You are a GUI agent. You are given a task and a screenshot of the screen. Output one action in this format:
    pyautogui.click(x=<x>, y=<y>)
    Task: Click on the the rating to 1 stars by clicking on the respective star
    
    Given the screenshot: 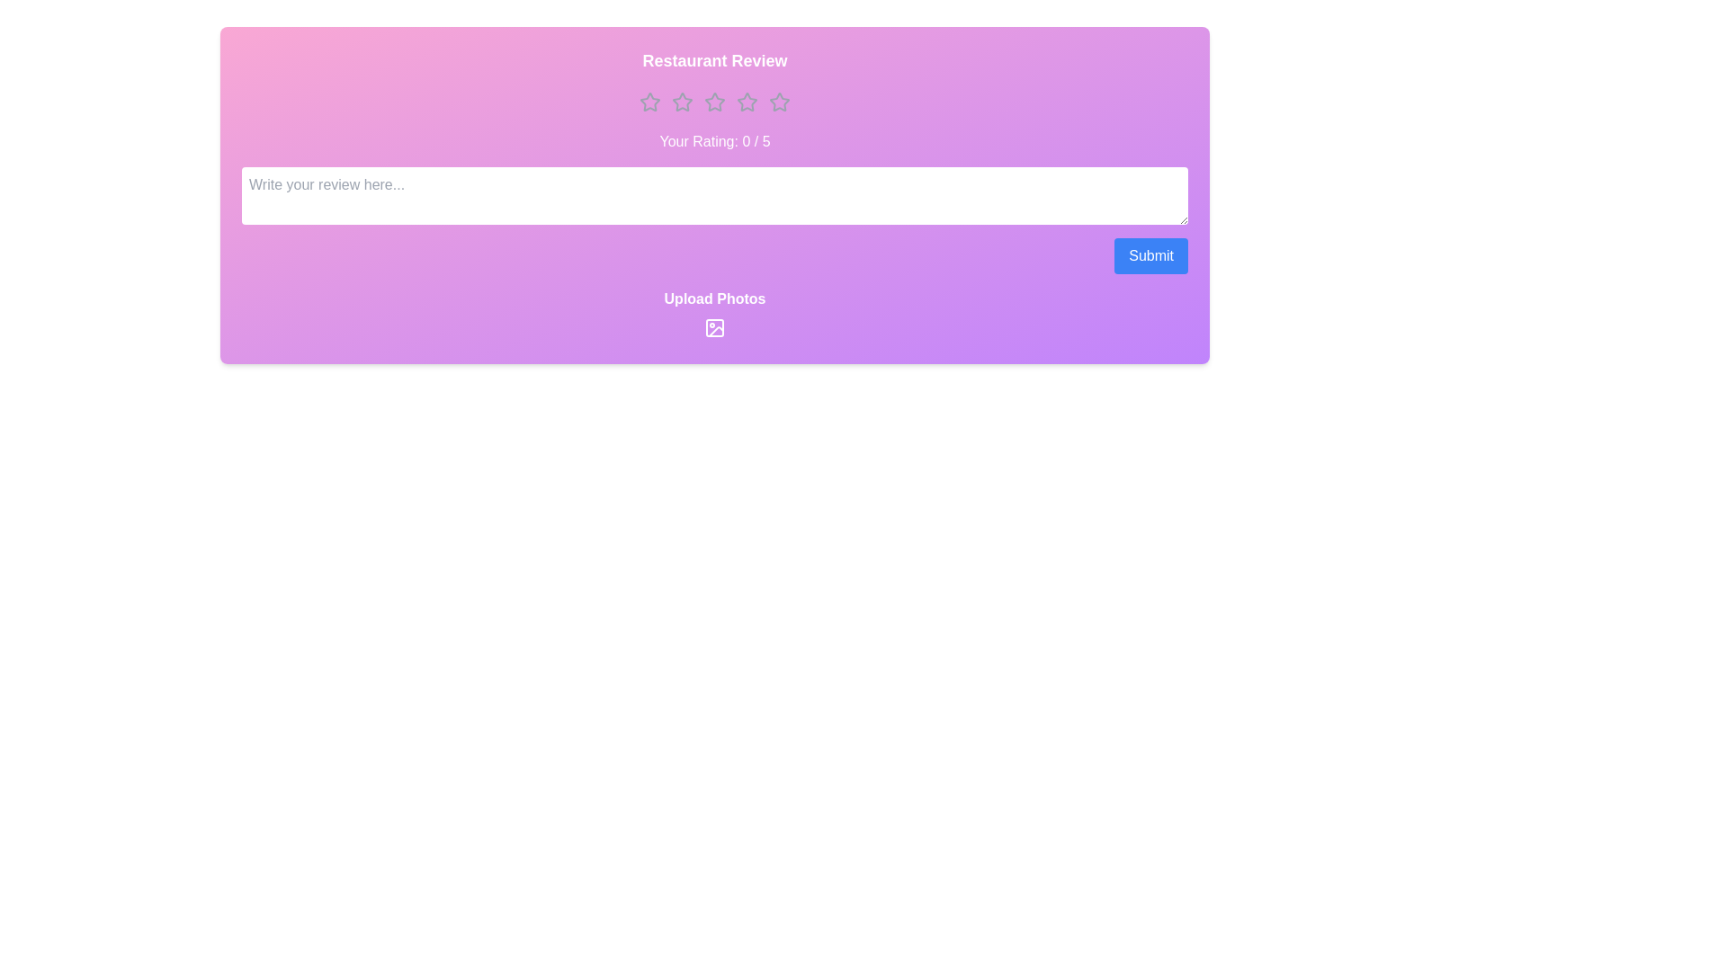 What is the action you would take?
    pyautogui.click(x=649, y=102)
    